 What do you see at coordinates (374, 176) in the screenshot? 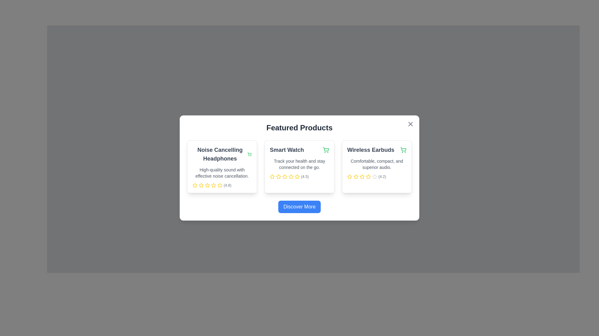
I see `the fourth star icon in the product rating row under the 'Wireless Earbuds' card to update the rating` at bounding box center [374, 176].